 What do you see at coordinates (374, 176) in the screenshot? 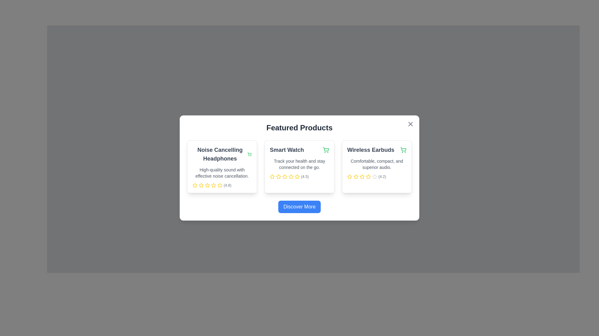
I see `the fourth star icon in the product rating row under the 'Wireless Earbuds' card to update the rating` at bounding box center [374, 176].